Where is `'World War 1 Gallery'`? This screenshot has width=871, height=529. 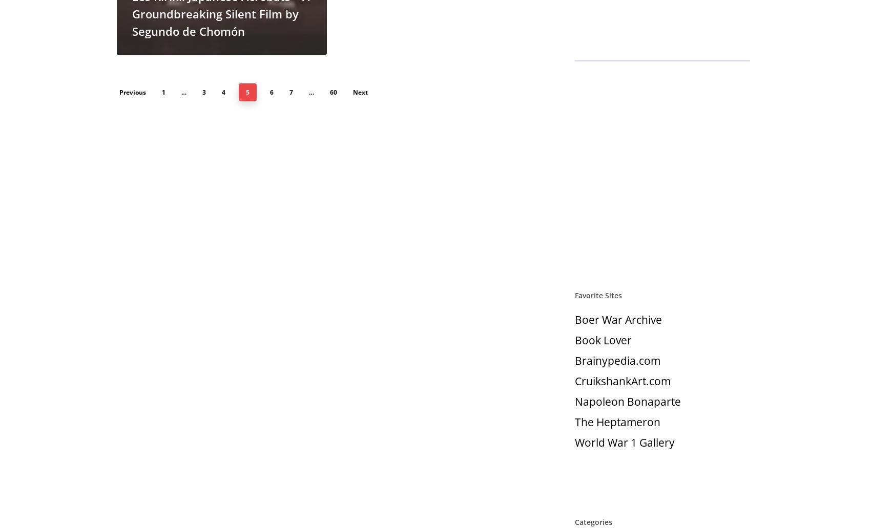 'World War 1 Gallery' is located at coordinates (575, 442).